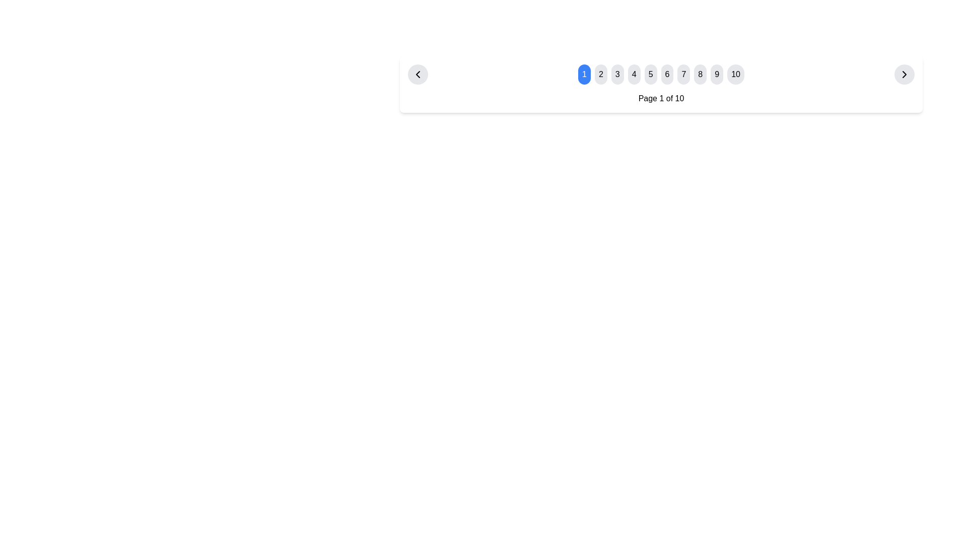 The image size is (967, 544). What do you see at coordinates (683, 74) in the screenshot?
I see `the rounded button labeled '7' in the pagination bar` at bounding box center [683, 74].